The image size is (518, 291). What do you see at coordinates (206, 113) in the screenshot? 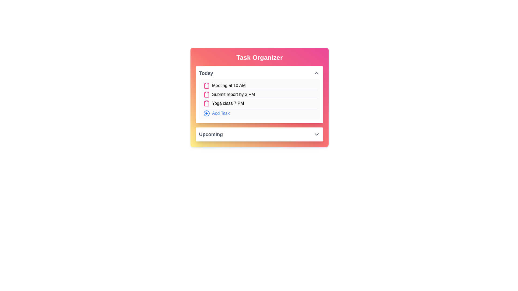
I see `the Circle graphic element (SVG) that symbolizes the 'Add Task' button, located under the 'Today' section of the task organizer interface panel` at bounding box center [206, 113].